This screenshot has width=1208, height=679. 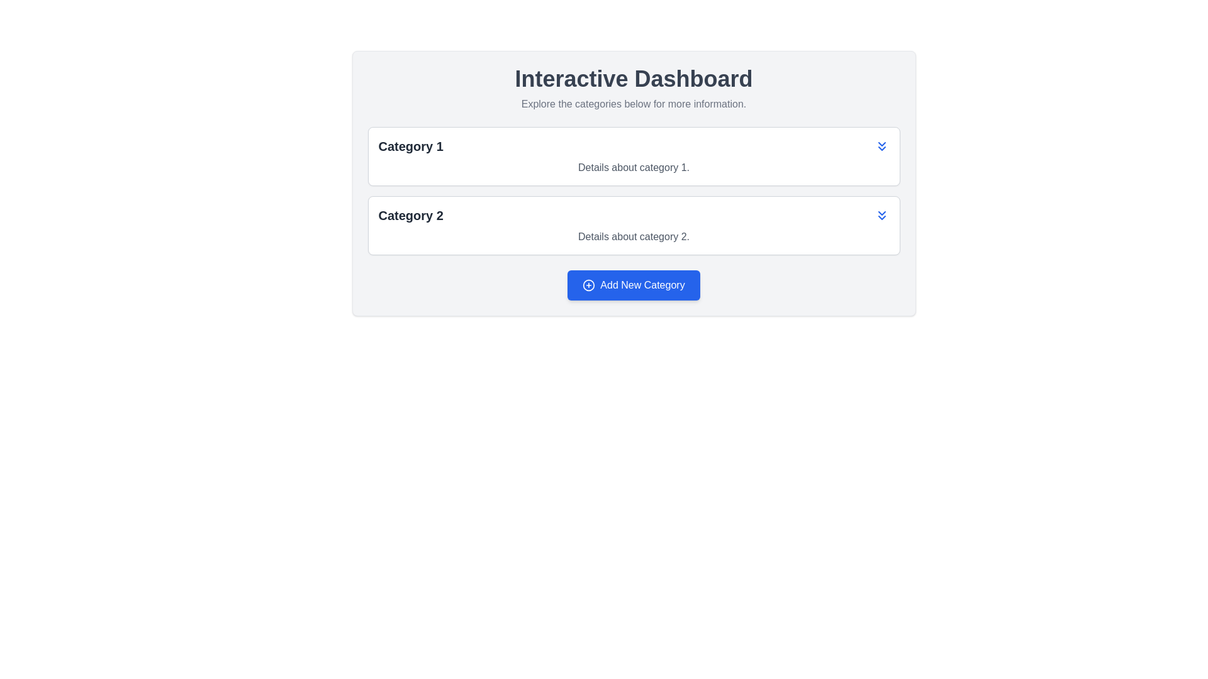 What do you see at coordinates (634, 285) in the screenshot?
I see `the blue button labeled 'Add New Category' with a plus icon to observe its visual response` at bounding box center [634, 285].